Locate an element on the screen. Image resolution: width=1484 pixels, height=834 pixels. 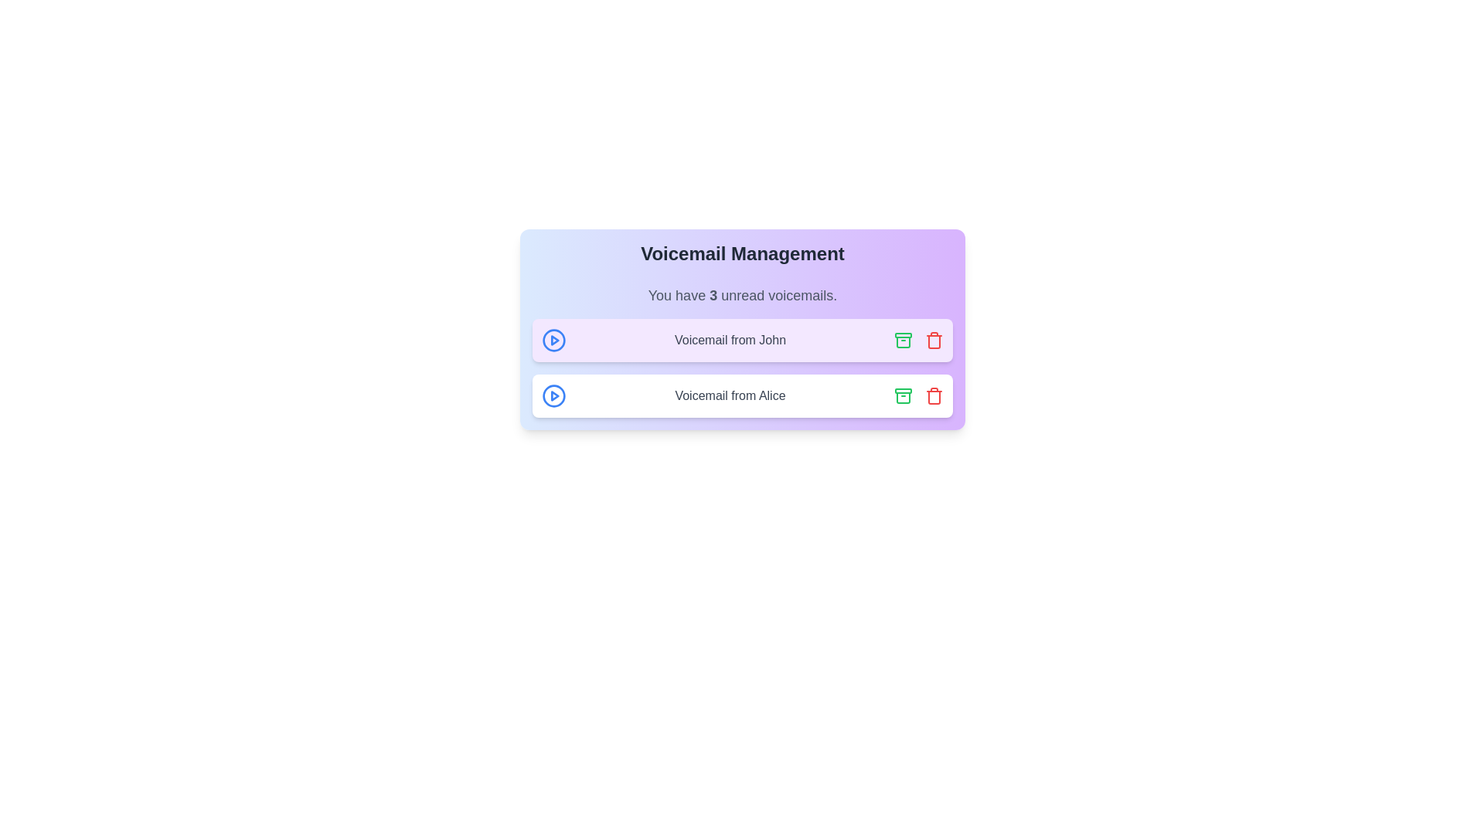
the SVG circle component that represents the play button for playing a voicemail, located inside the first voicemail row next to 'Voicemail from John' is located at coordinates (553, 339).